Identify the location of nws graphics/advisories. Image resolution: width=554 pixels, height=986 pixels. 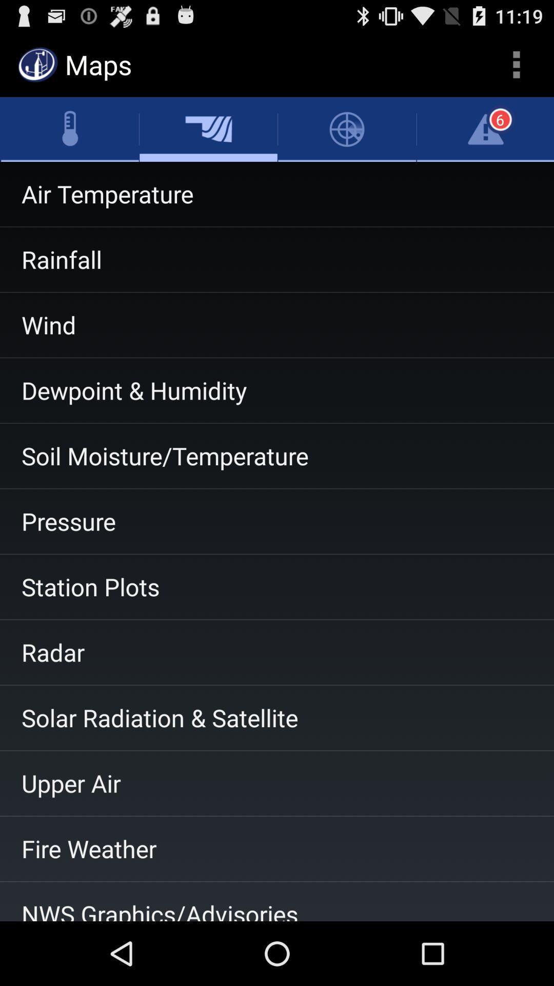
(277, 901).